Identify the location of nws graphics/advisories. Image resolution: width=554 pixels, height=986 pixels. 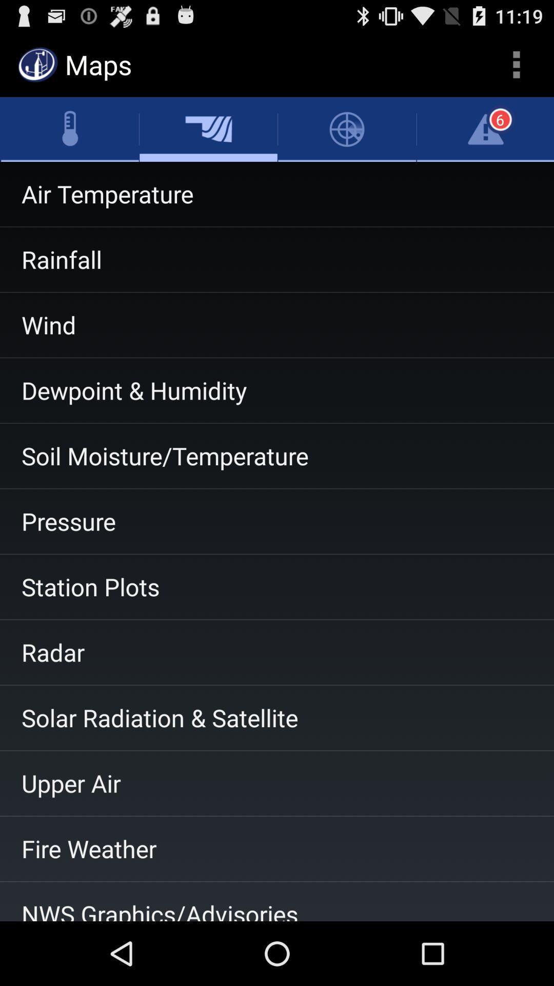
(277, 901).